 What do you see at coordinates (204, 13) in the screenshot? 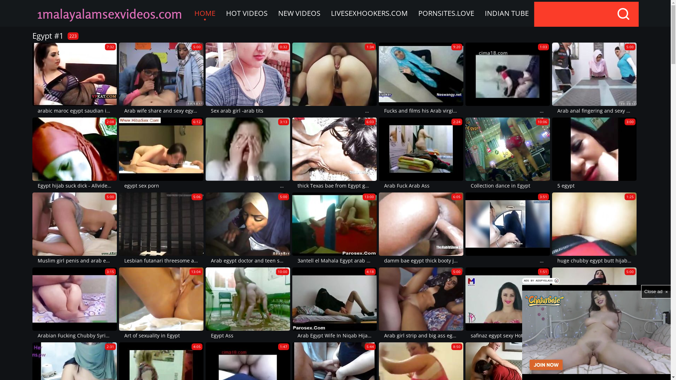
I see `'HOME'` at bounding box center [204, 13].